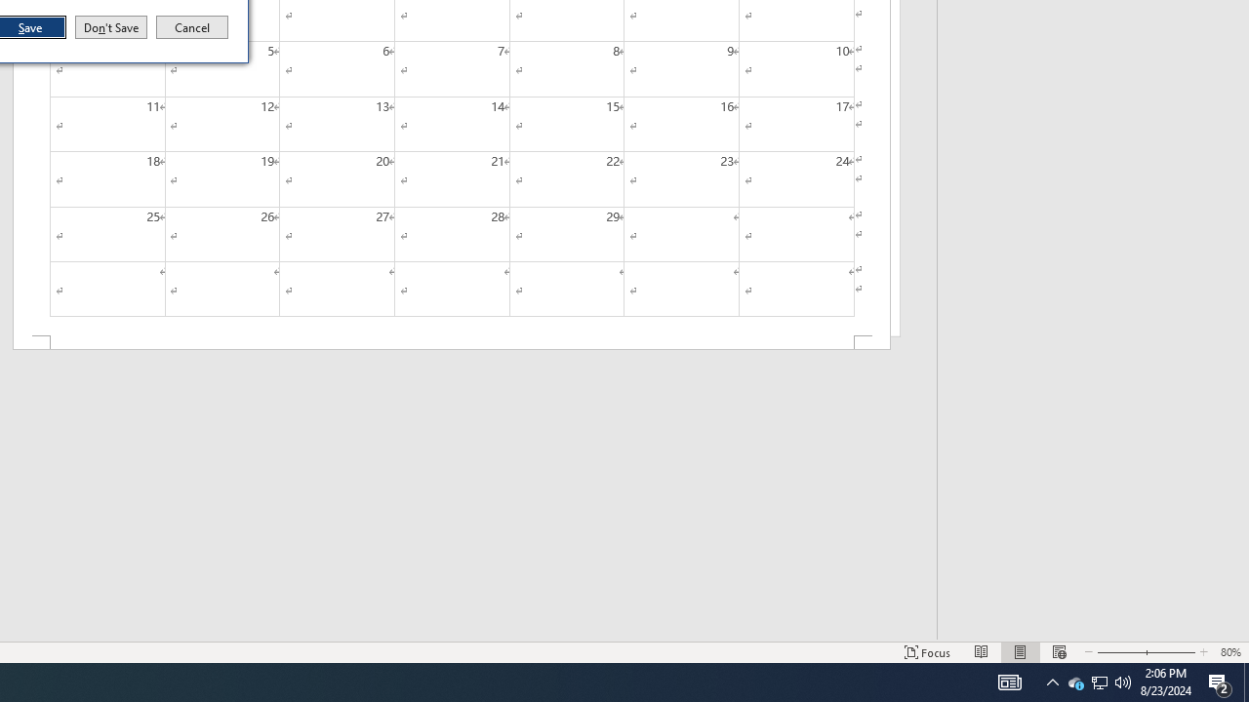 The width and height of the screenshot is (1249, 702). What do you see at coordinates (927, 652) in the screenshot?
I see `'Focus '` at bounding box center [927, 652].